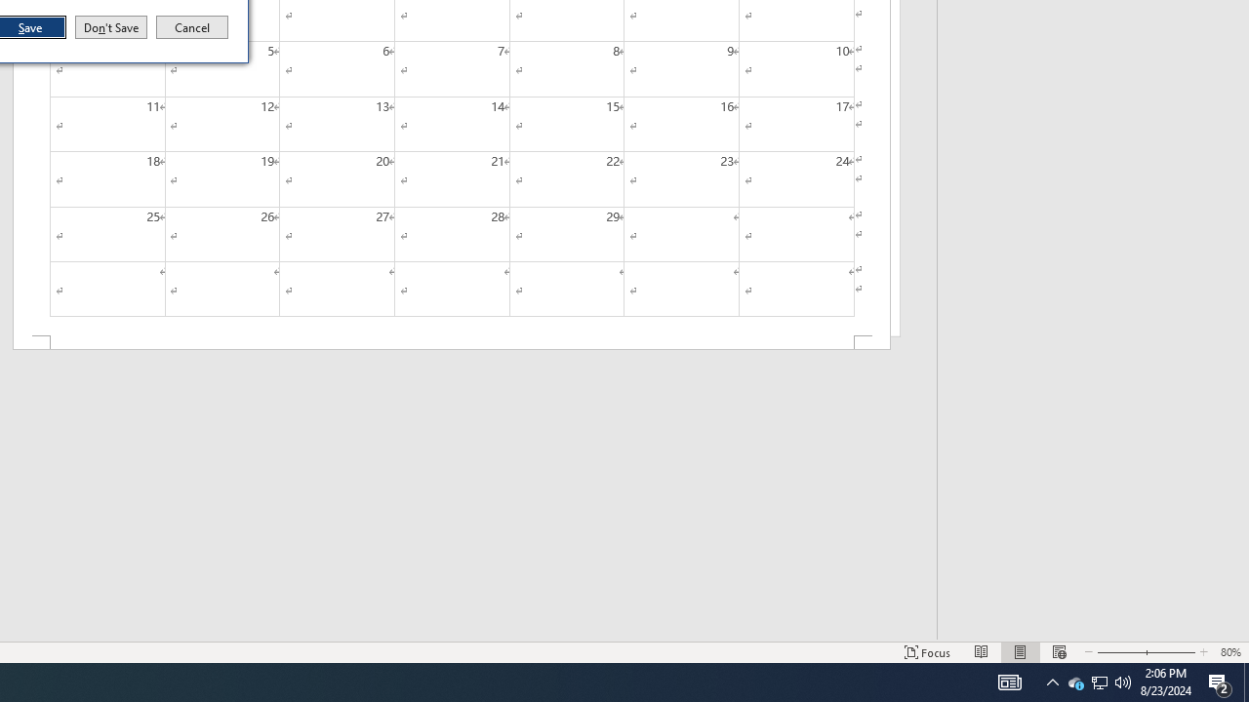 The width and height of the screenshot is (1249, 702). What do you see at coordinates (927, 652) in the screenshot?
I see `'Focus '` at bounding box center [927, 652].